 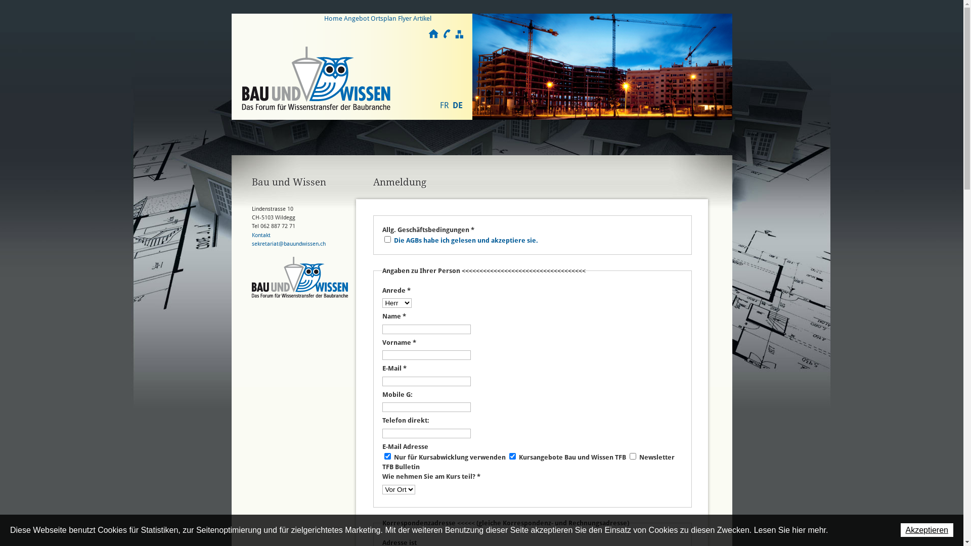 What do you see at coordinates (926, 529) in the screenshot?
I see `'Akzeptieren'` at bounding box center [926, 529].